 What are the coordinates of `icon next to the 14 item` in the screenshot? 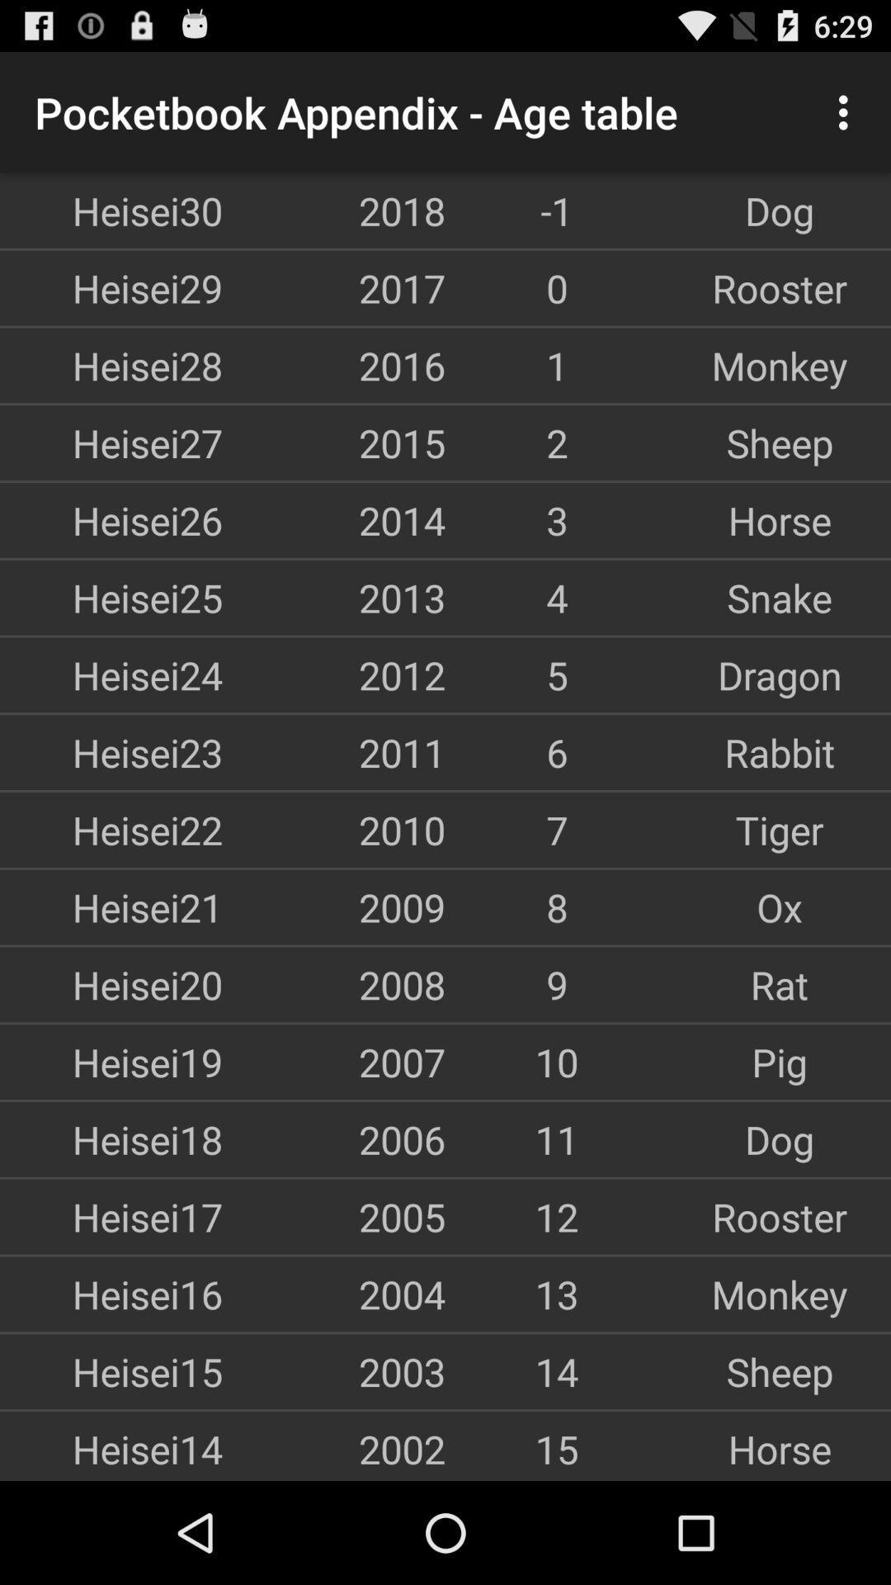 It's located at (334, 1371).